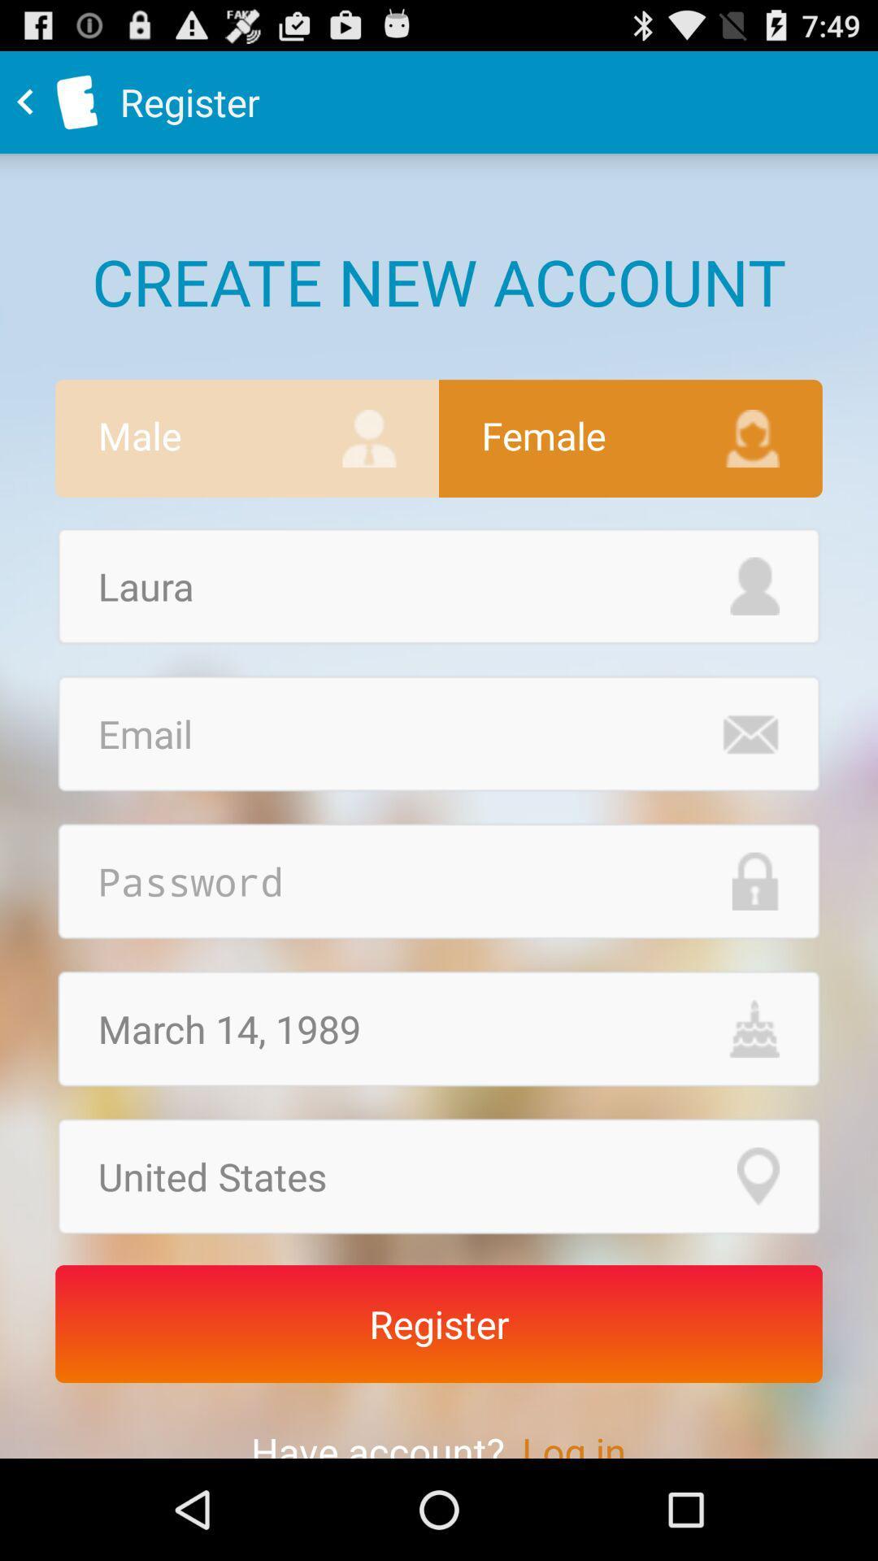  What do you see at coordinates (247, 438) in the screenshot?
I see `male` at bounding box center [247, 438].